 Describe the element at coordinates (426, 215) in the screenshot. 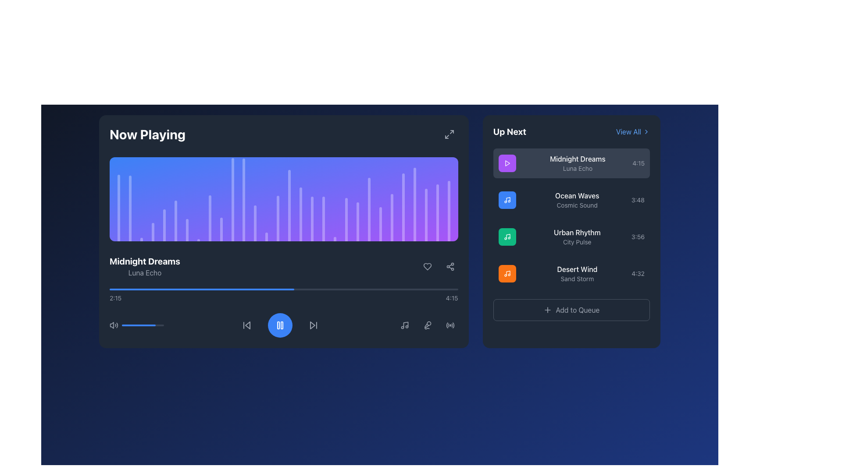

I see `the 28th vertical bar of the visual feedback area in the Now Playing section, which represents audio level or spectrum data` at that location.